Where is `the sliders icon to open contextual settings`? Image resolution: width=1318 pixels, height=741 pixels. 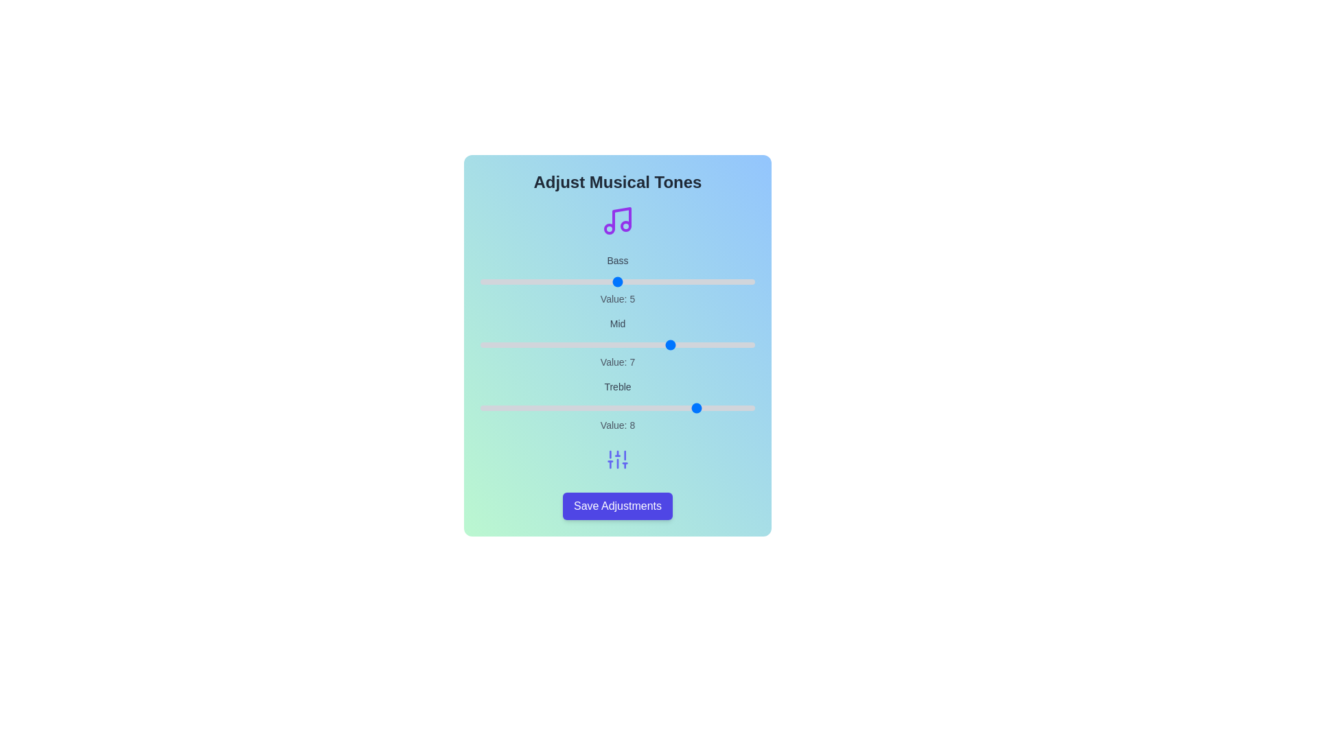 the sliders icon to open contextual settings is located at coordinates (617, 460).